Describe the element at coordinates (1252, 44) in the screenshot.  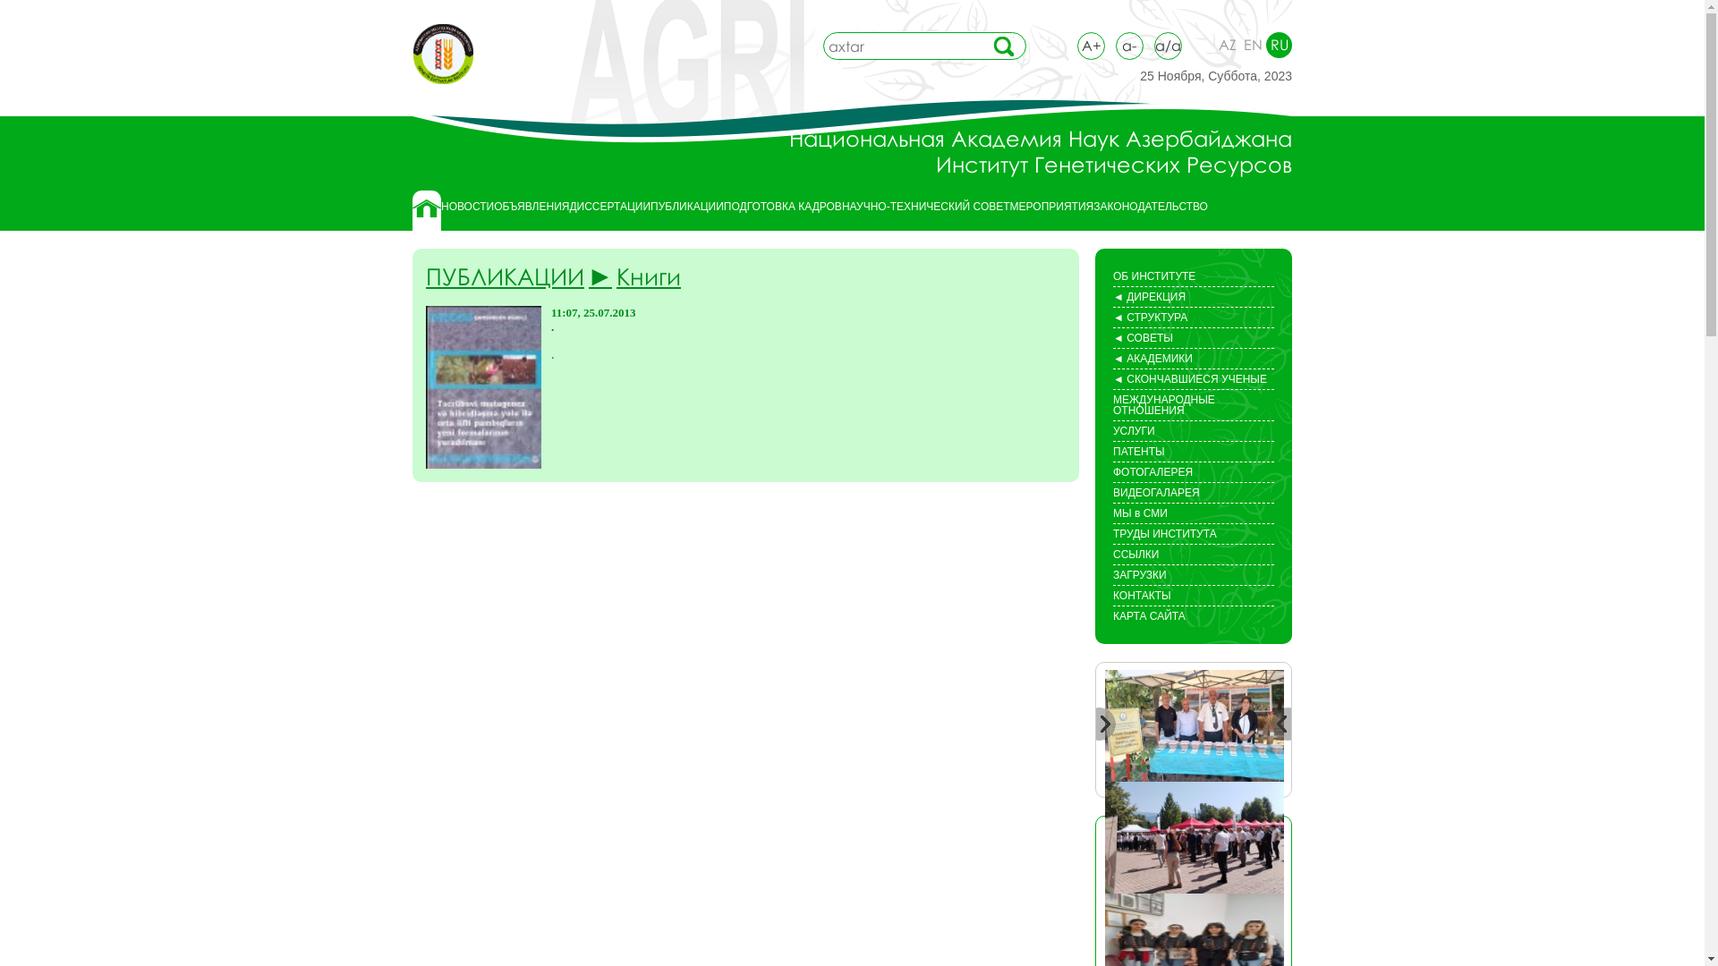
I see `'EN'` at that location.